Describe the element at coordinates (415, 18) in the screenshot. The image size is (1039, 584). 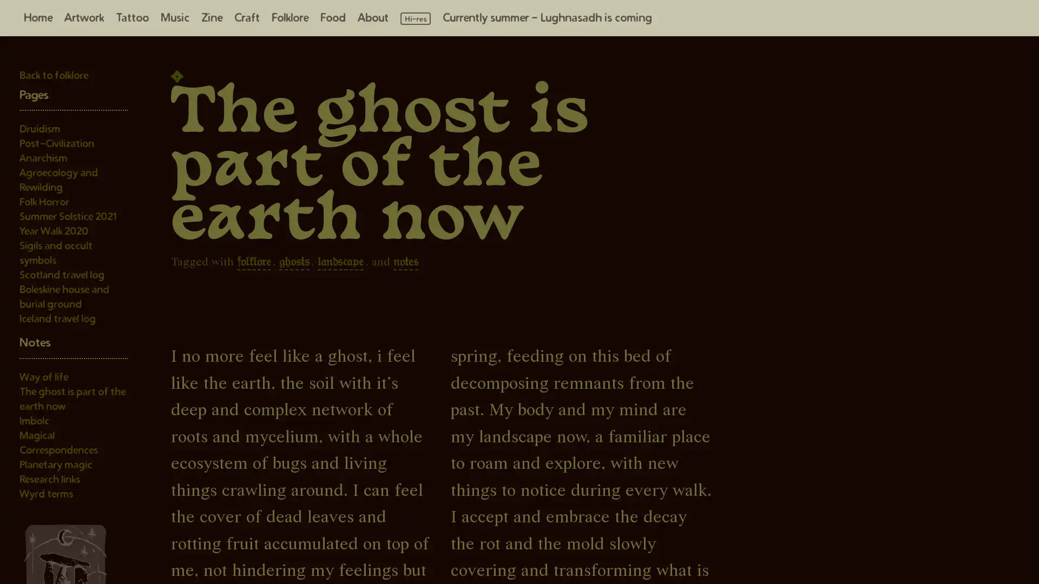
I see `Load high resolution images` at that location.